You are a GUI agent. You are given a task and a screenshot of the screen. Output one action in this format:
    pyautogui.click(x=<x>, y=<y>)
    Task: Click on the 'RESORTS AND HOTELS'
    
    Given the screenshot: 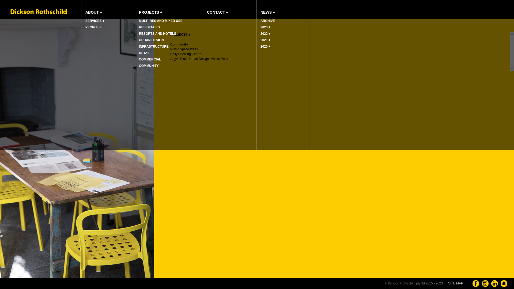 What is the action you would take?
    pyautogui.click(x=135, y=34)
    